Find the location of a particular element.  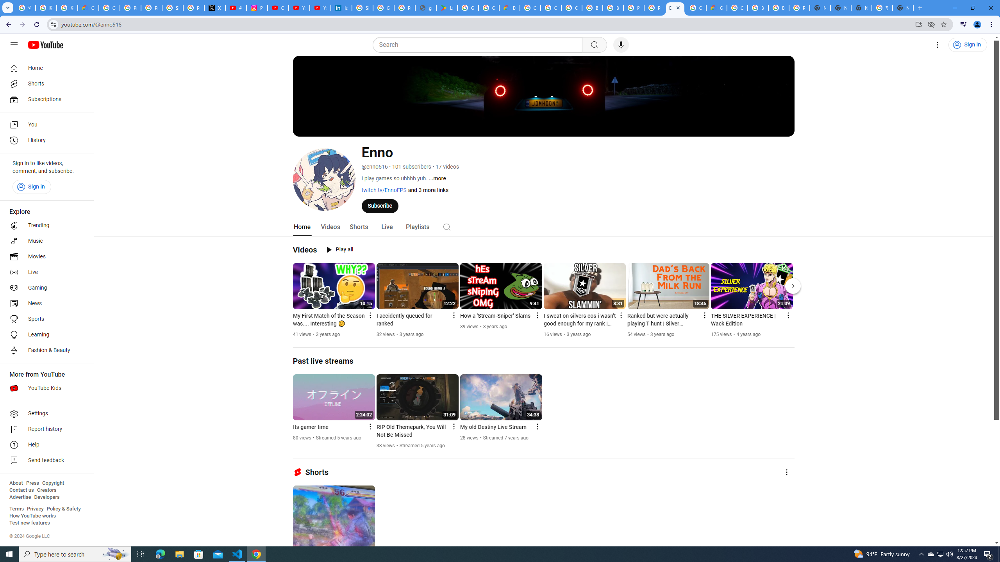

'Subscribe' is located at coordinates (379, 205).